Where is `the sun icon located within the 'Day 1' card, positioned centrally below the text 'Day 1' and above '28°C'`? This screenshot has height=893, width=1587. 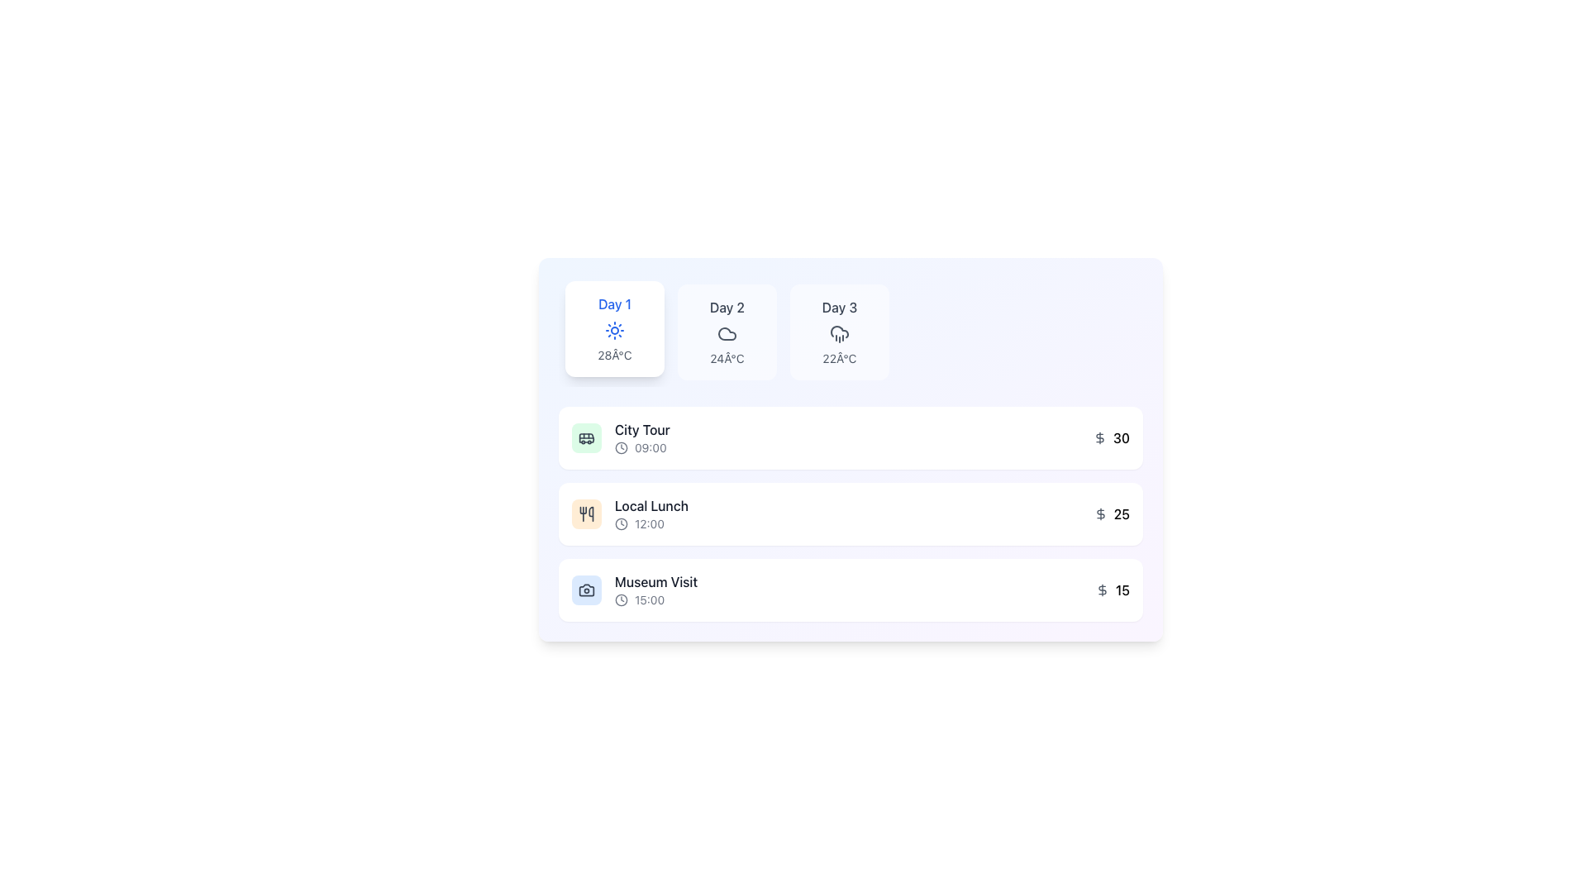 the sun icon located within the 'Day 1' card, positioned centrally below the text 'Day 1' and above '28°C' is located at coordinates (614, 331).